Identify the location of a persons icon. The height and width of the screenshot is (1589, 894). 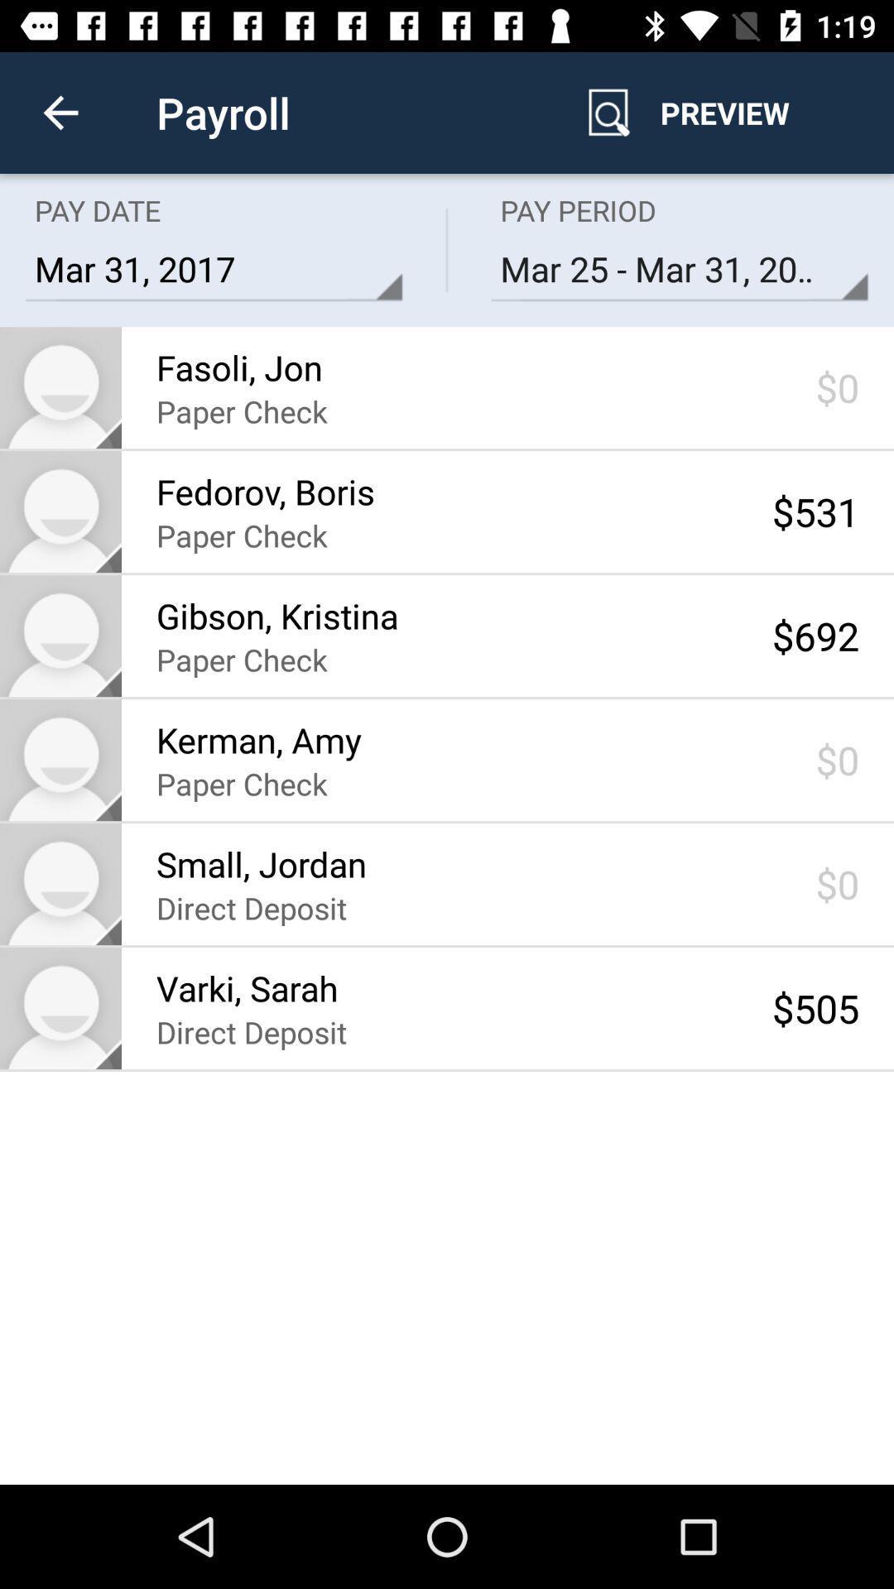
(60, 511).